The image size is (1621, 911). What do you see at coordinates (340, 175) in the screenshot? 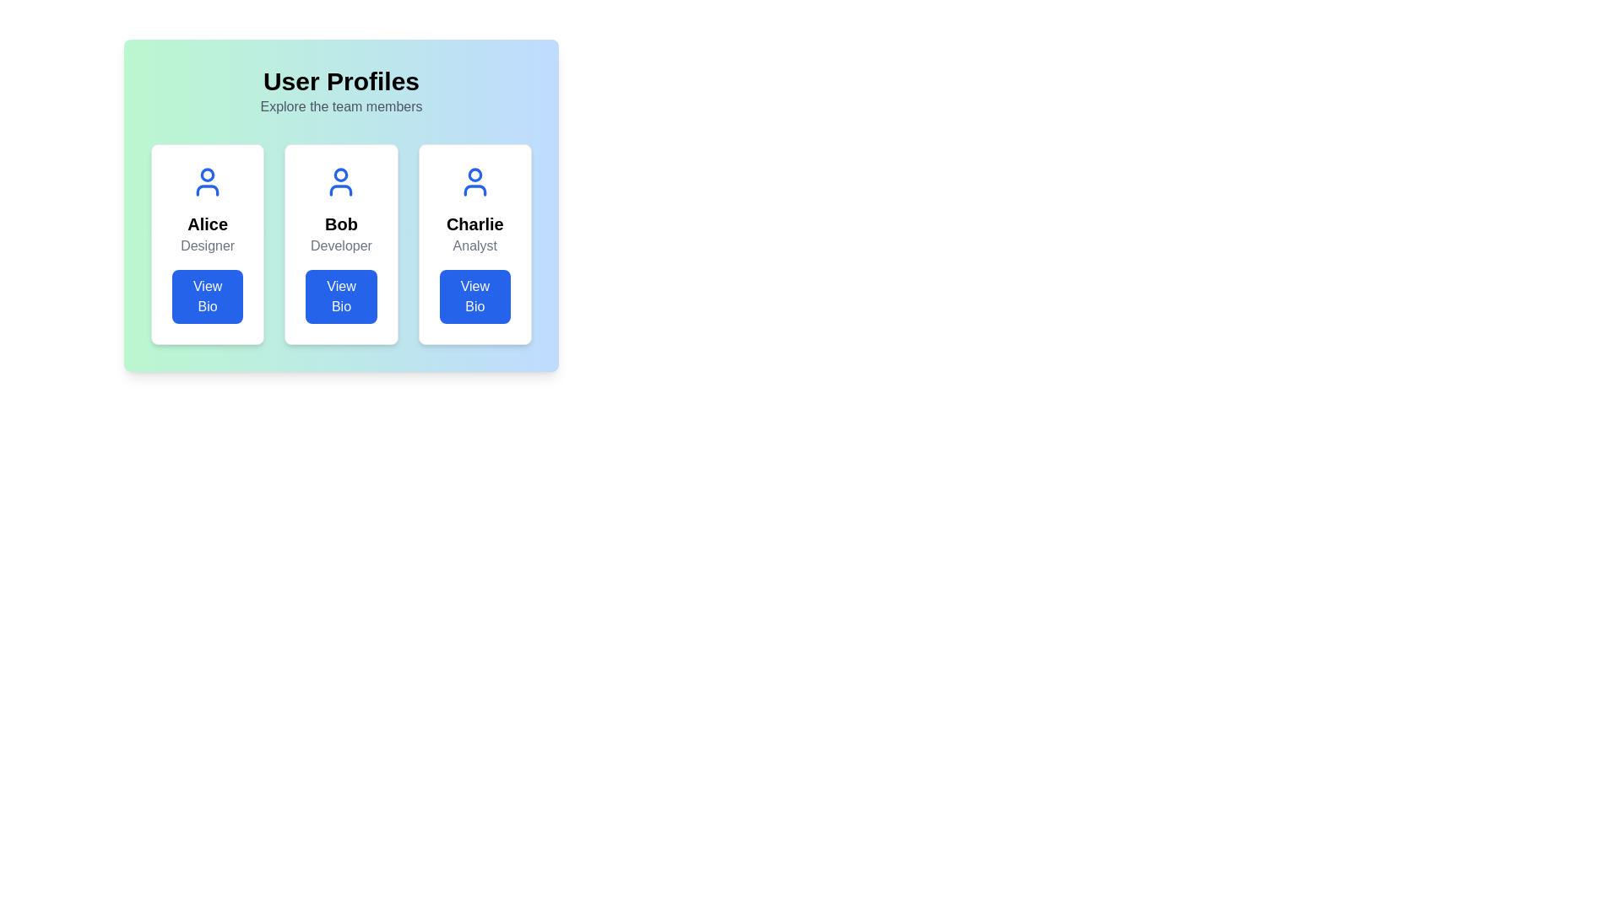
I see `the circular icon component representing a person, located in the center of the card labeled 'Bob'` at bounding box center [340, 175].